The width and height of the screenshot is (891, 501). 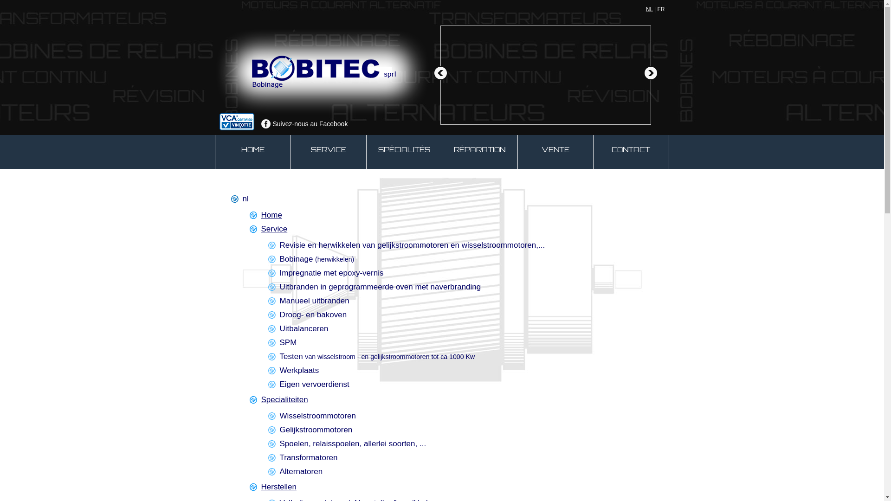 I want to click on 'HOME', so click(x=253, y=151).